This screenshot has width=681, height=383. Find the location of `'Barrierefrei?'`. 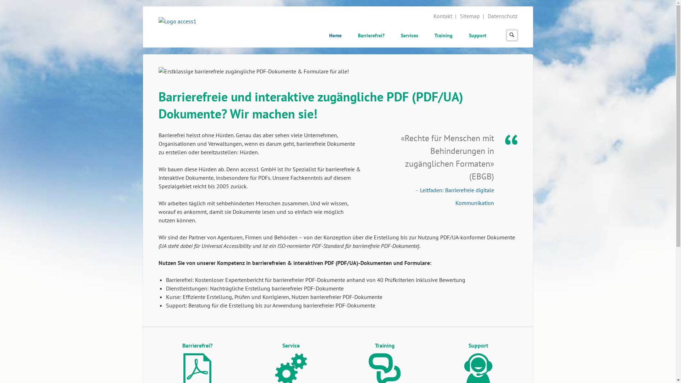

'Barrierefrei?' is located at coordinates (371, 36).